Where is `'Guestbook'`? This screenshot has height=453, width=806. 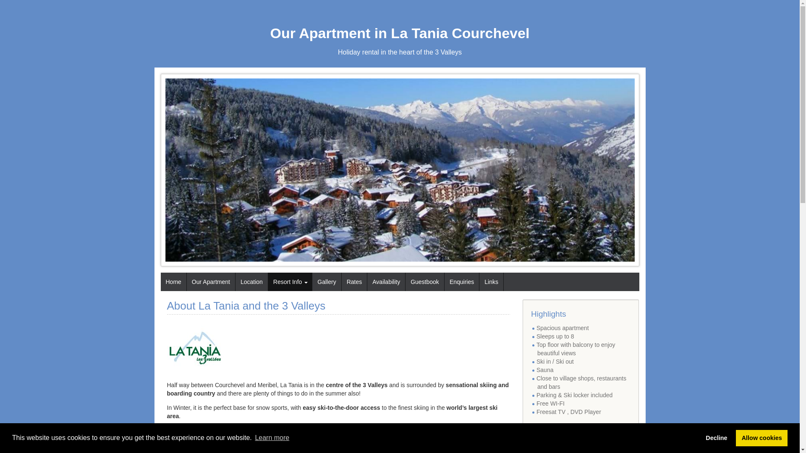 'Guestbook' is located at coordinates (425, 281).